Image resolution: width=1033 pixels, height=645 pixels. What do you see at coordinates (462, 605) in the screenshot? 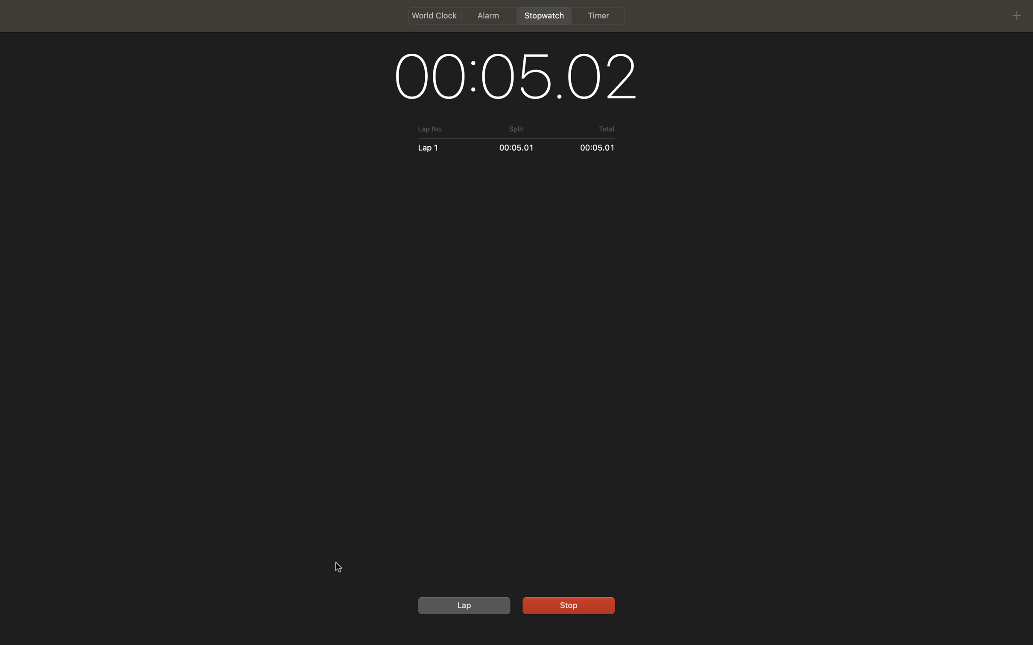
I see `the "lap or reset" button followed by the "start or stop" button` at bounding box center [462, 605].